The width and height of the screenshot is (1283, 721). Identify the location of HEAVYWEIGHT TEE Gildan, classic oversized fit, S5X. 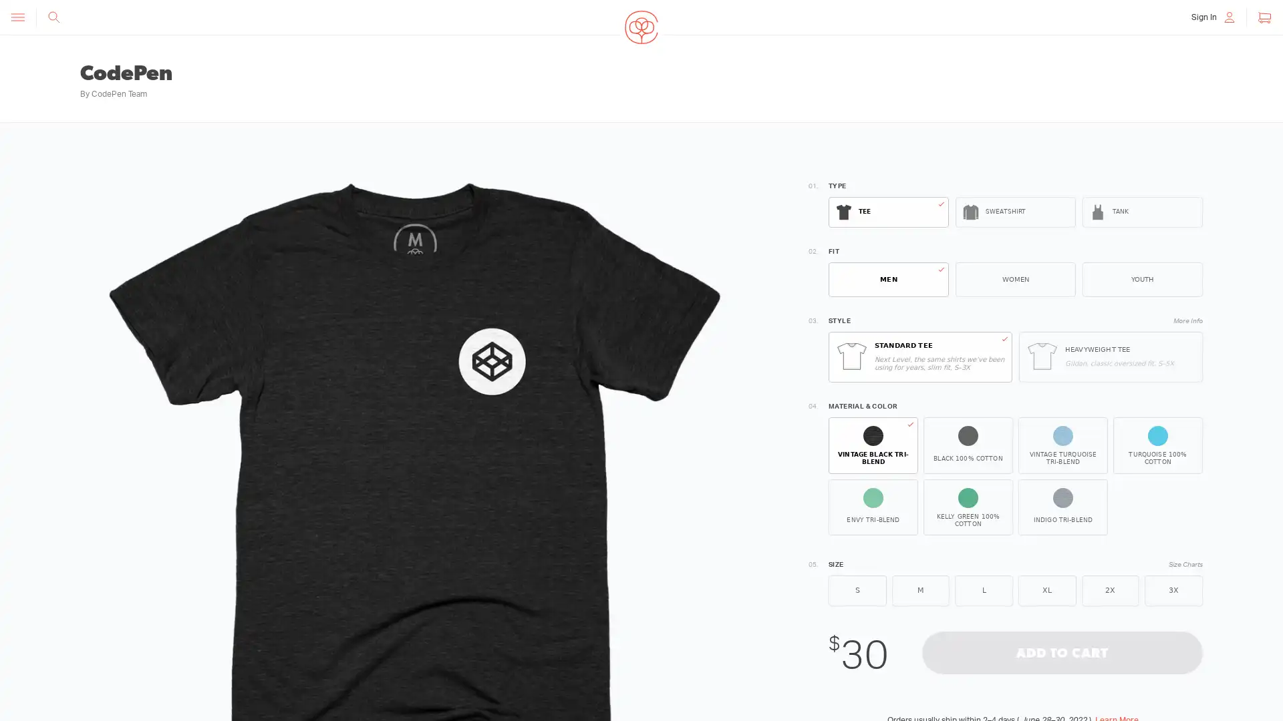
(1111, 356).